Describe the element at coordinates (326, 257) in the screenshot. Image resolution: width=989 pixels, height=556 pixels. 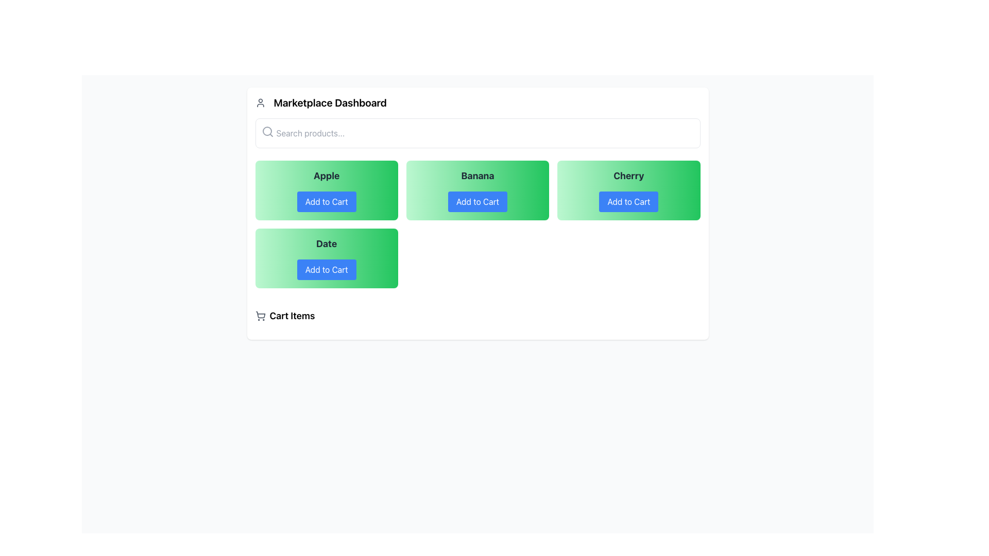
I see `the fourth card in the grid layout that contains the item 'Date'` at that location.